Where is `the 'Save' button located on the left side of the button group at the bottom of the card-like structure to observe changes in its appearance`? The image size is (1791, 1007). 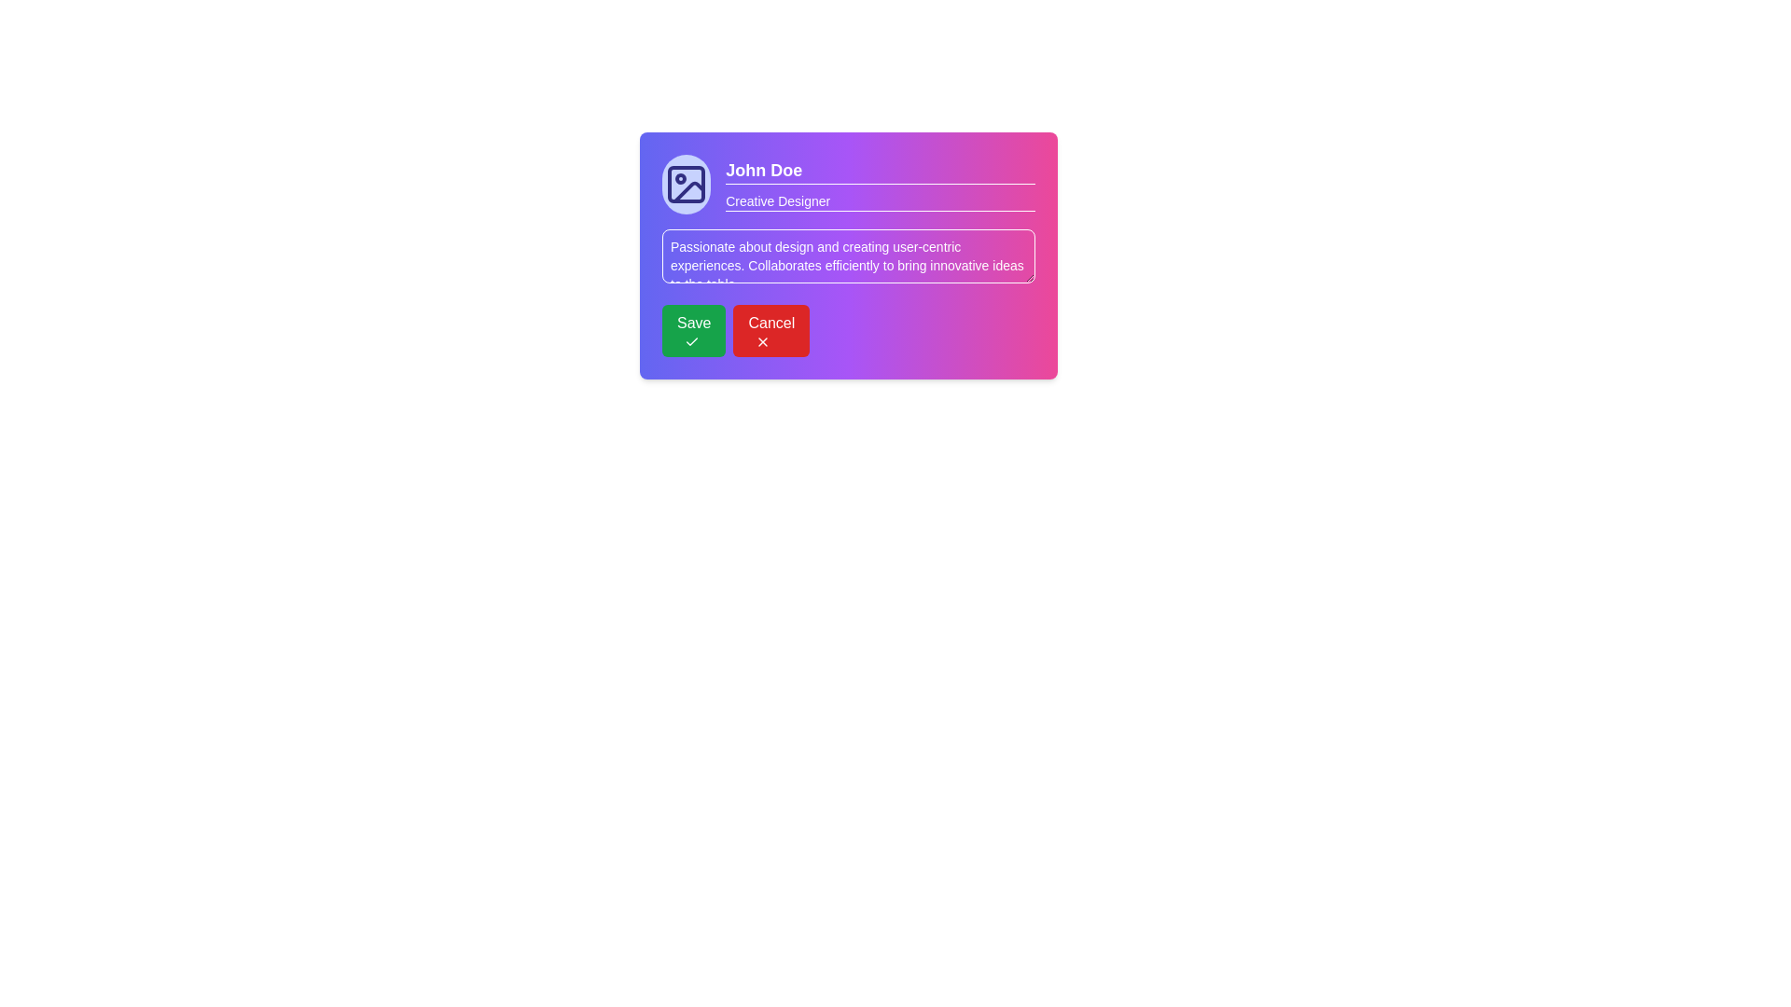 the 'Save' button located on the left side of the button group at the bottom of the card-like structure to observe changes in its appearance is located at coordinates (693, 329).